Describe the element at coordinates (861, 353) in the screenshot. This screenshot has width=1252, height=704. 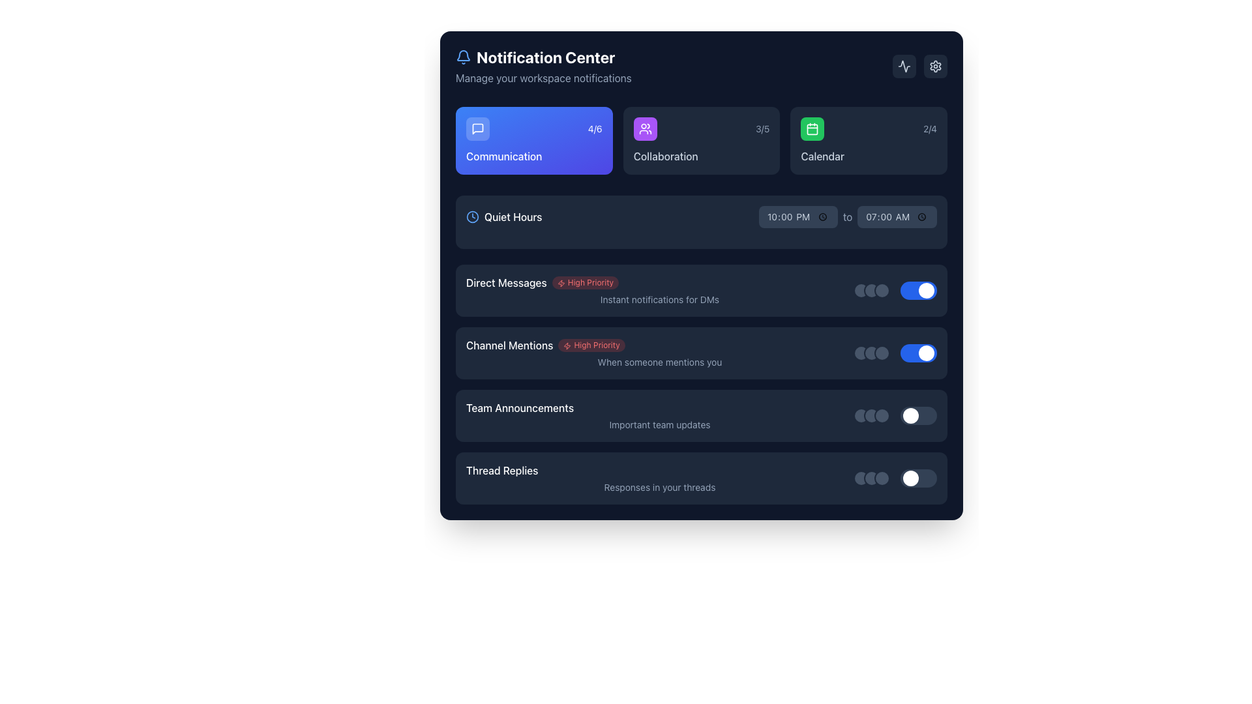
I see `the leftmost circular decorative element with a dark slate-gray background, located adjacent to the 'Channel Mentions' label` at that location.